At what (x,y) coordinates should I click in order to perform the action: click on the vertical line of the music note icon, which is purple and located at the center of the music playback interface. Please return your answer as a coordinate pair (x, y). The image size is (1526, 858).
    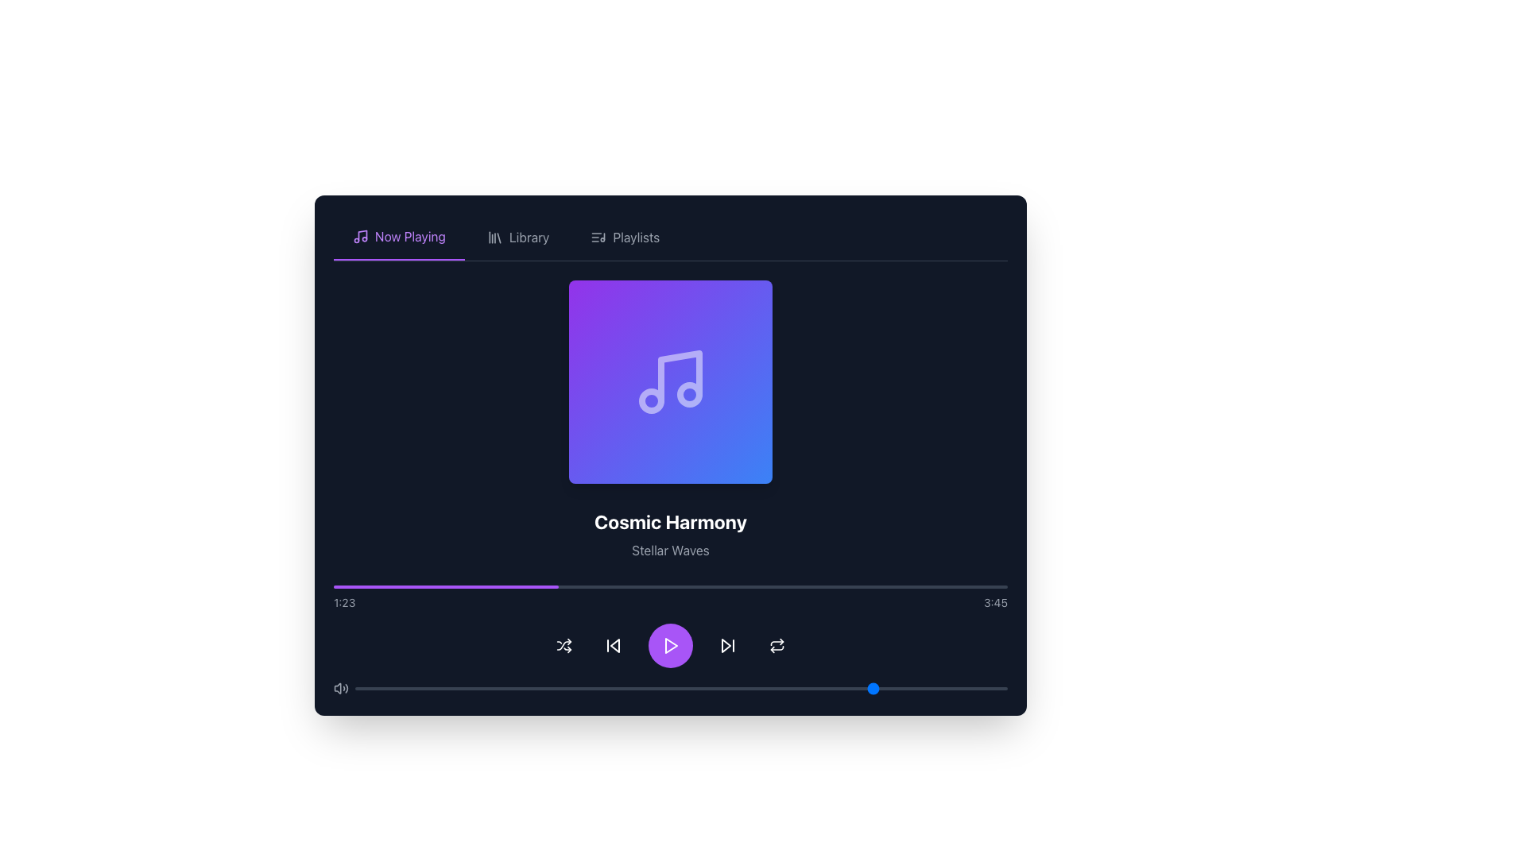
    Looking at the image, I should click on (680, 377).